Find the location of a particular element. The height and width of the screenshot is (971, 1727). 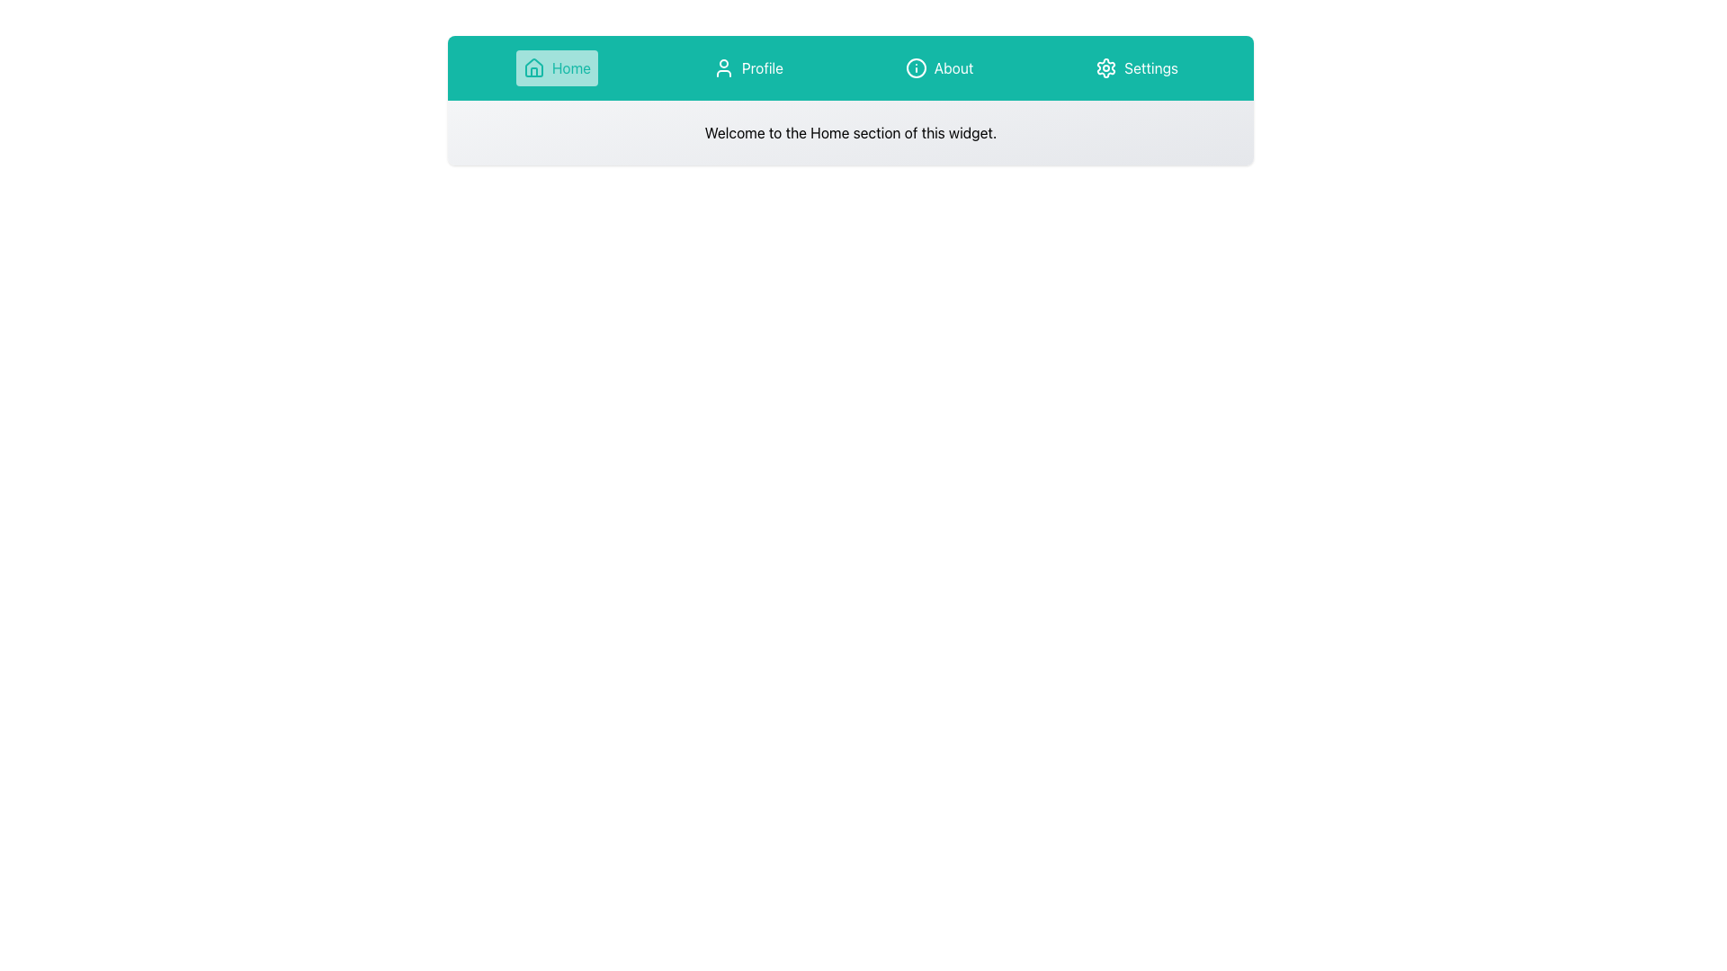

the house-shaped icon located within the 'Home' navigation item is located at coordinates (532, 67).